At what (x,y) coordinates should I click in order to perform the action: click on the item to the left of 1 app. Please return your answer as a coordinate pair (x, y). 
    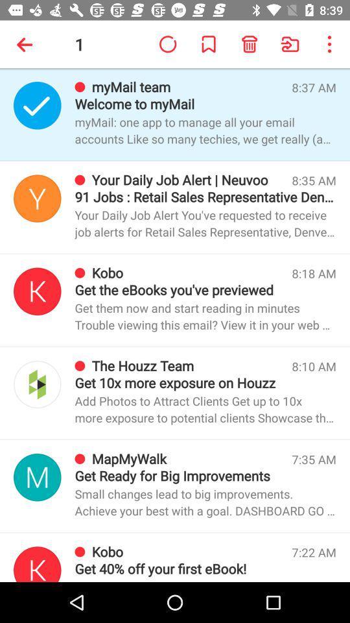
    Looking at the image, I should click on (27, 44).